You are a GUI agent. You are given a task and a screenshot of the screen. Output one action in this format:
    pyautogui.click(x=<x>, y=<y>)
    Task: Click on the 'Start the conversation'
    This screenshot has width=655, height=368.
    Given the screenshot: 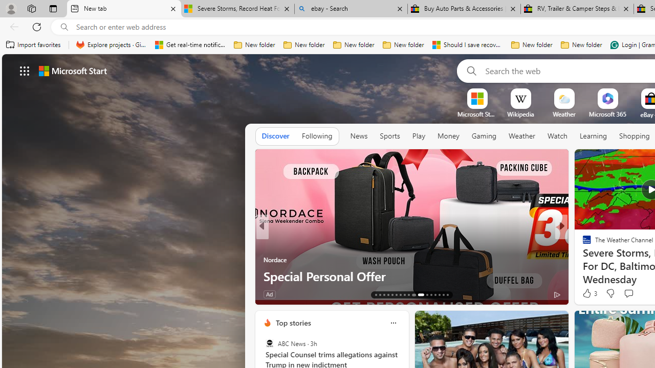 What is the action you would take?
    pyautogui.click(x=628, y=293)
    